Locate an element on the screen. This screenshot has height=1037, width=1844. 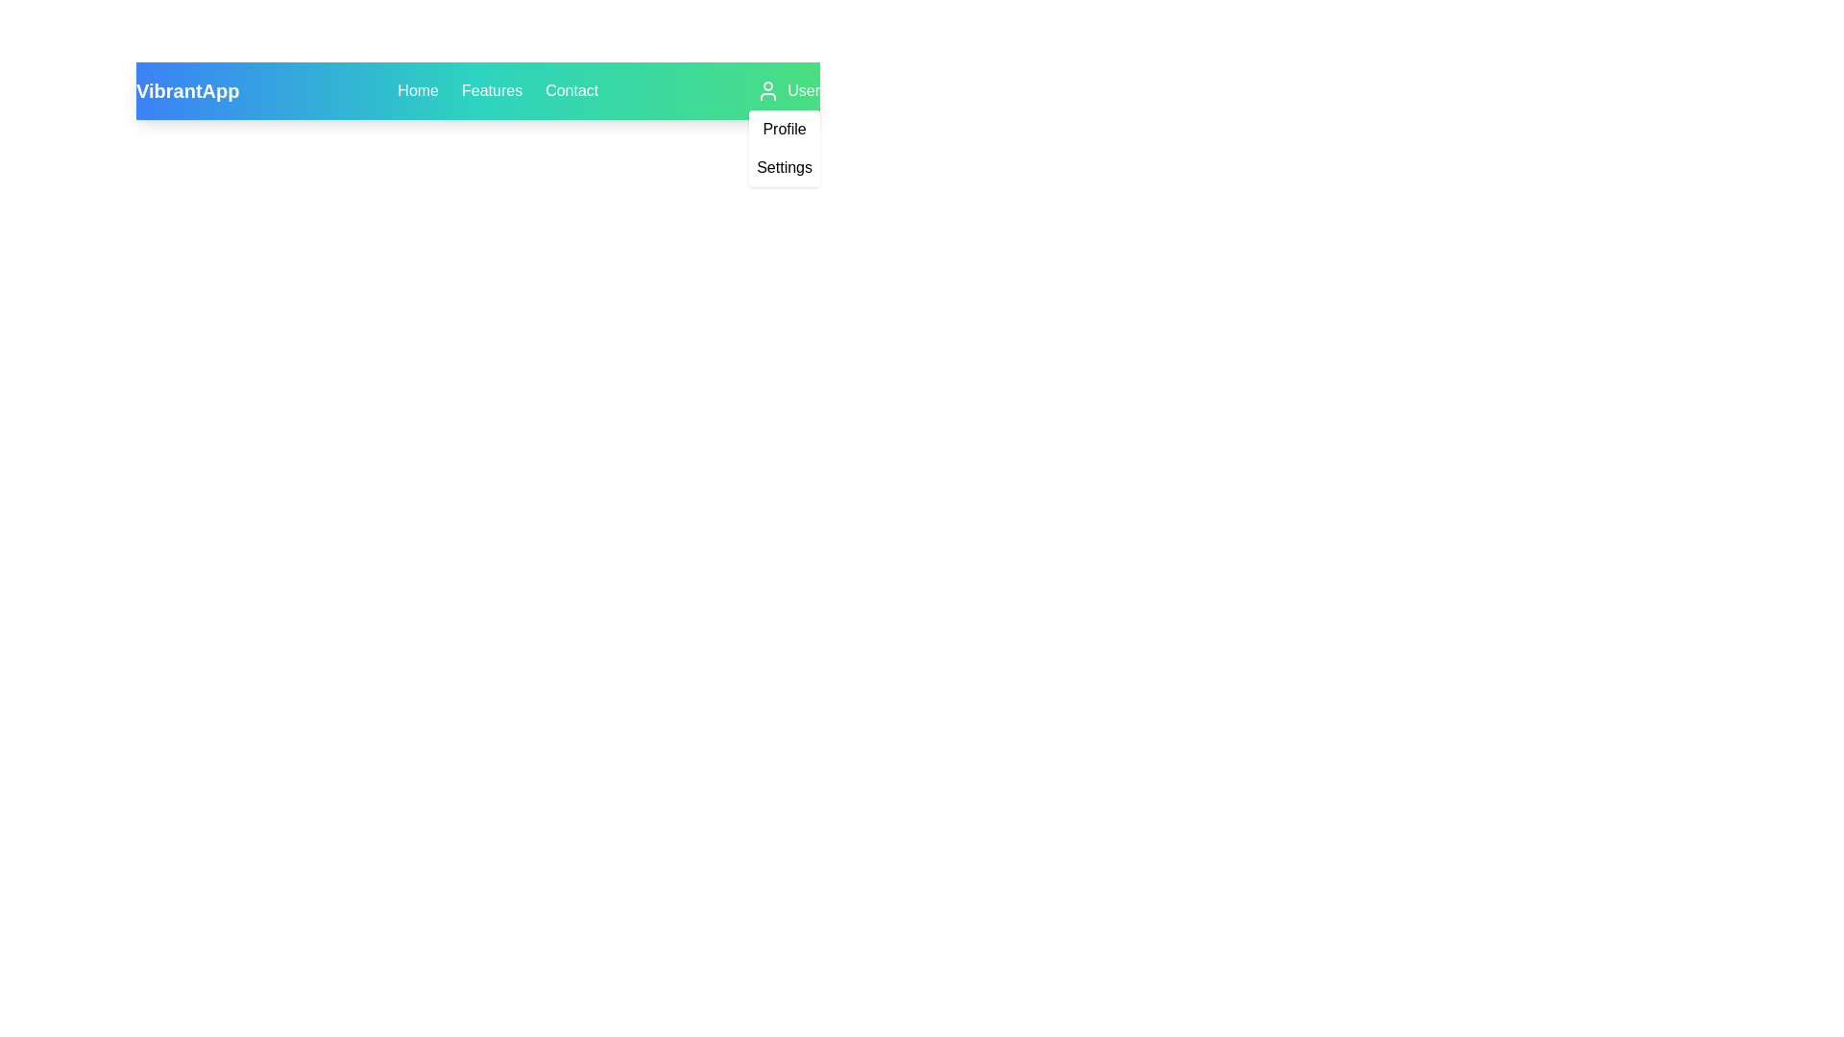
the Contact navigation link is located at coordinates (570, 91).